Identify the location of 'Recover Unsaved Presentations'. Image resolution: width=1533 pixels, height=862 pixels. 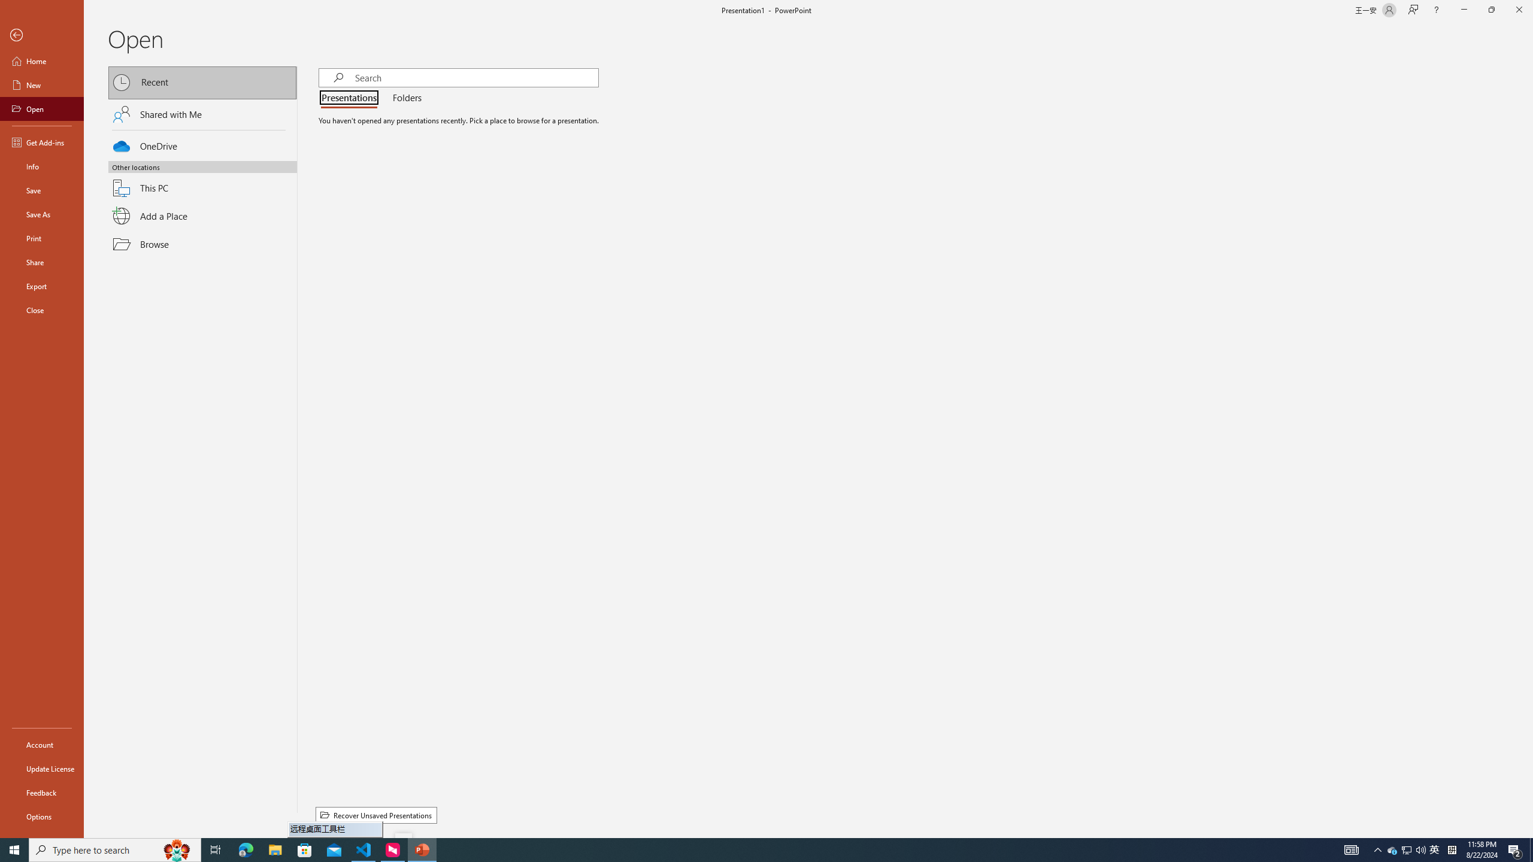
(375, 815).